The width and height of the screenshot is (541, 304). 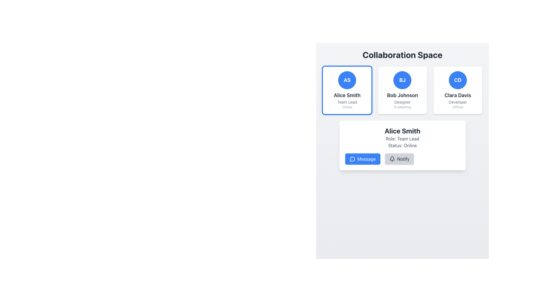 I want to click on text label that contains 'Team Lead', which is styled with a smaller font size and lighter gray color, positioned below 'Alice Smith' and above the status indicator 'Online', so click(x=347, y=102).